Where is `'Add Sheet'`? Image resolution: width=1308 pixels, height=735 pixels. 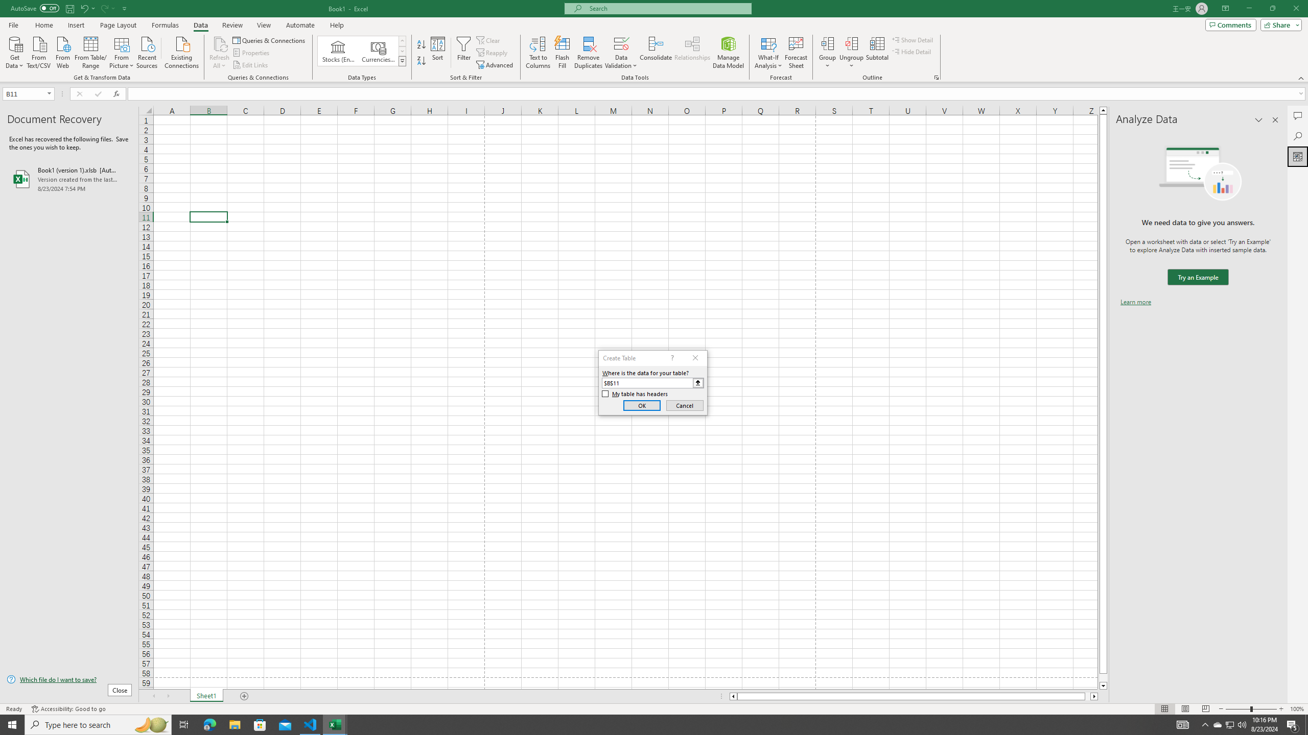 'Add Sheet' is located at coordinates (245, 696).